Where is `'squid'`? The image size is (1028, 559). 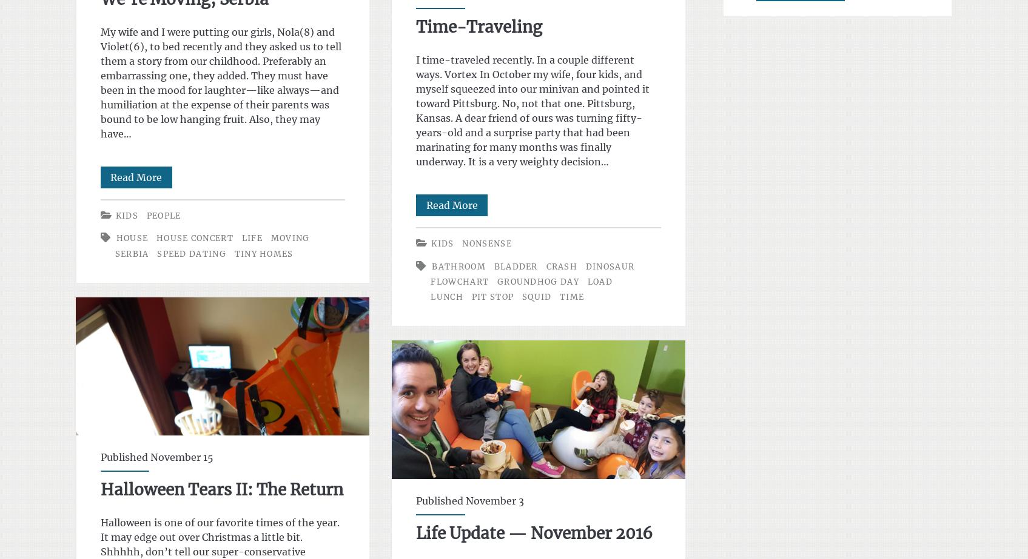 'squid' is located at coordinates (536, 296).